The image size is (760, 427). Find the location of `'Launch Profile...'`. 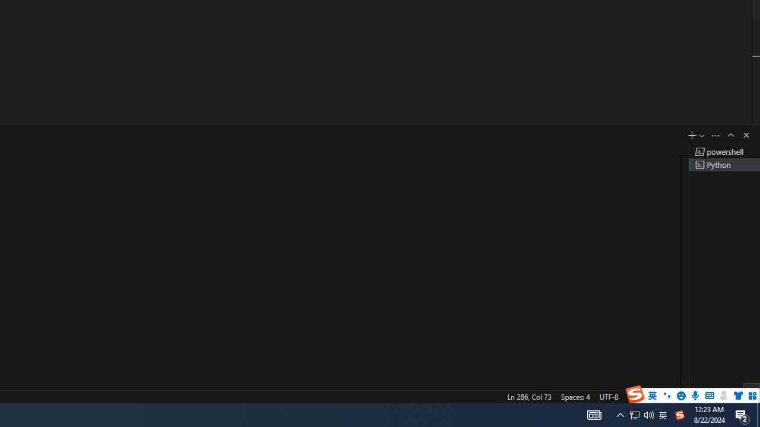

'Launch Profile...' is located at coordinates (702, 135).